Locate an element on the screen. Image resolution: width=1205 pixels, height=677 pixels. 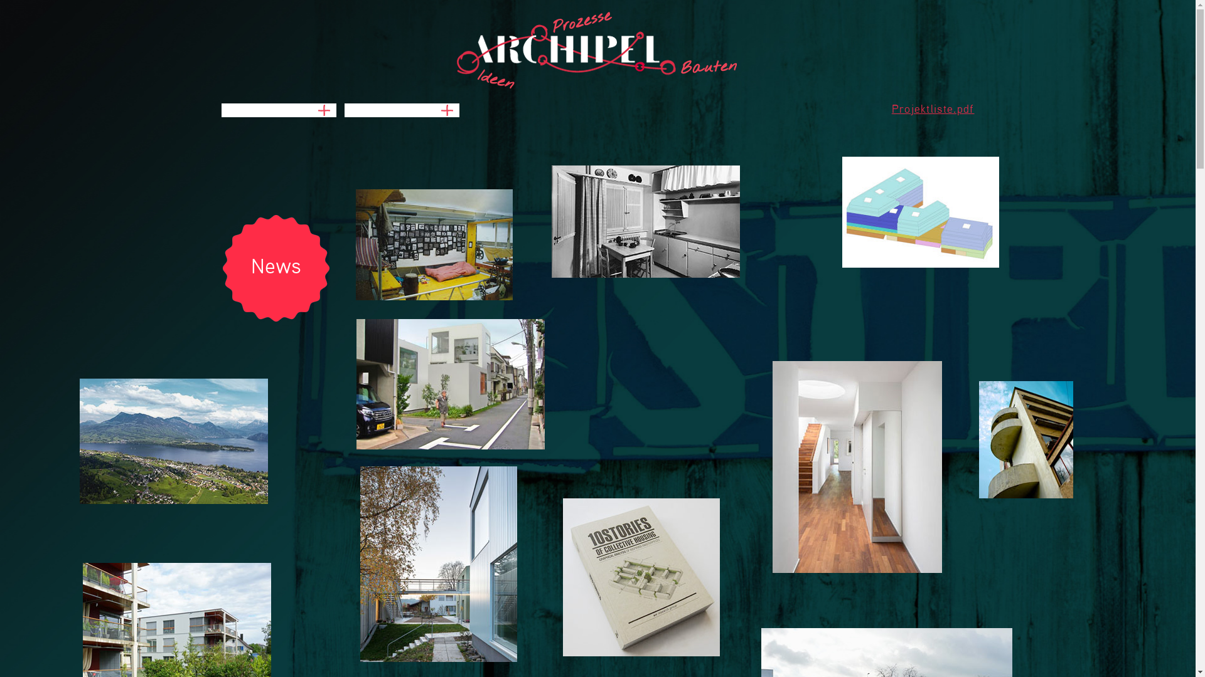
'Projektliste.pdf' is located at coordinates (891, 108).